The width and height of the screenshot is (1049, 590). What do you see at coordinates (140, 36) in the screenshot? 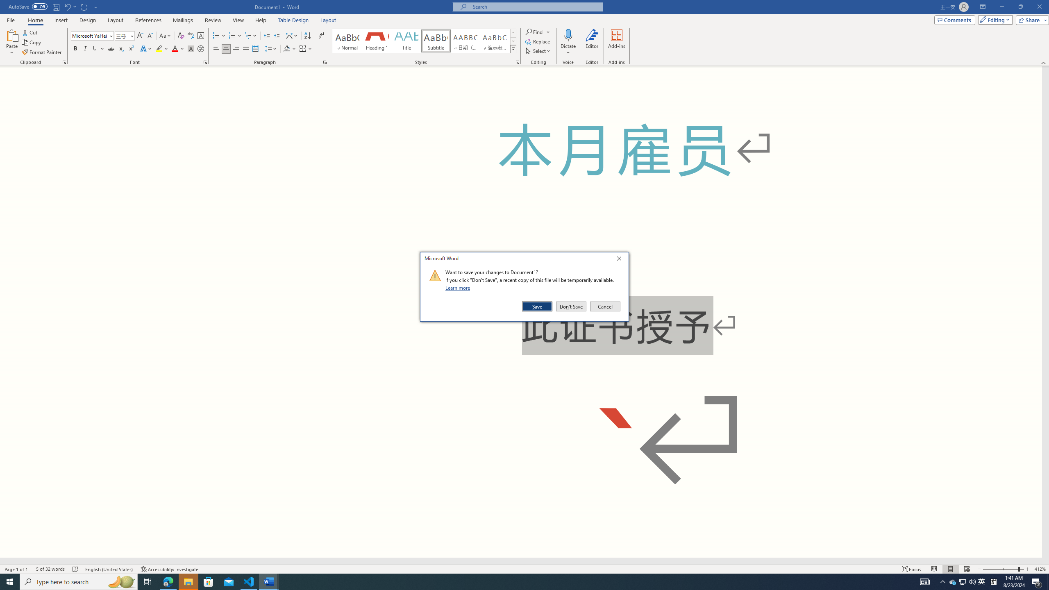
I see `'Grow Font'` at bounding box center [140, 36].